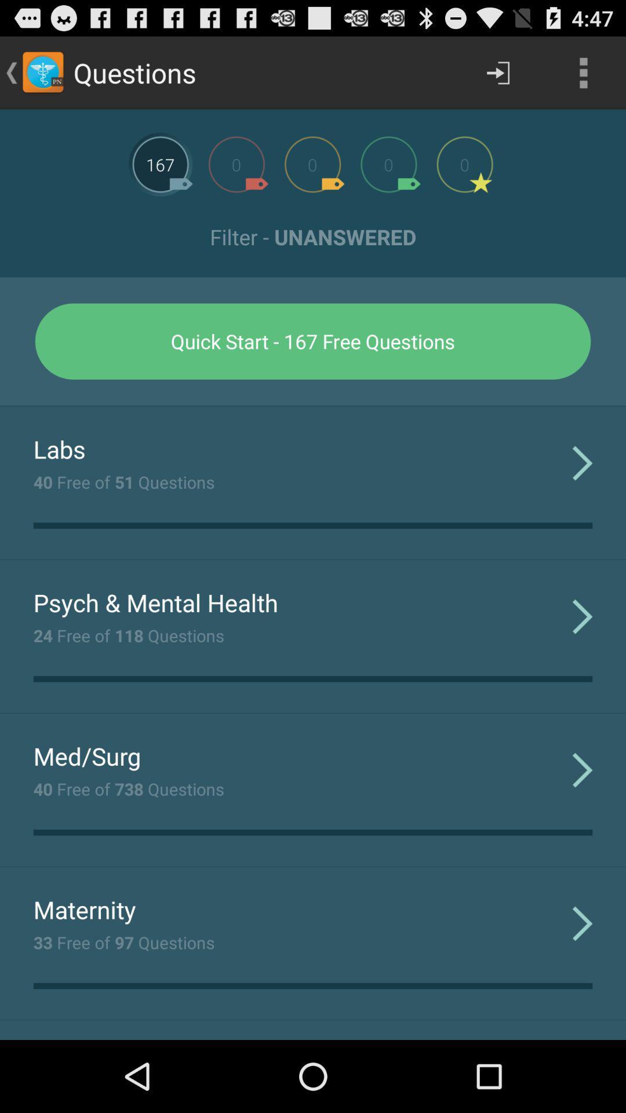 The height and width of the screenshot is (1113, 626). Describe the element at coordinates (86, 756) in the screenshot. I see `med/surg item` at that location.